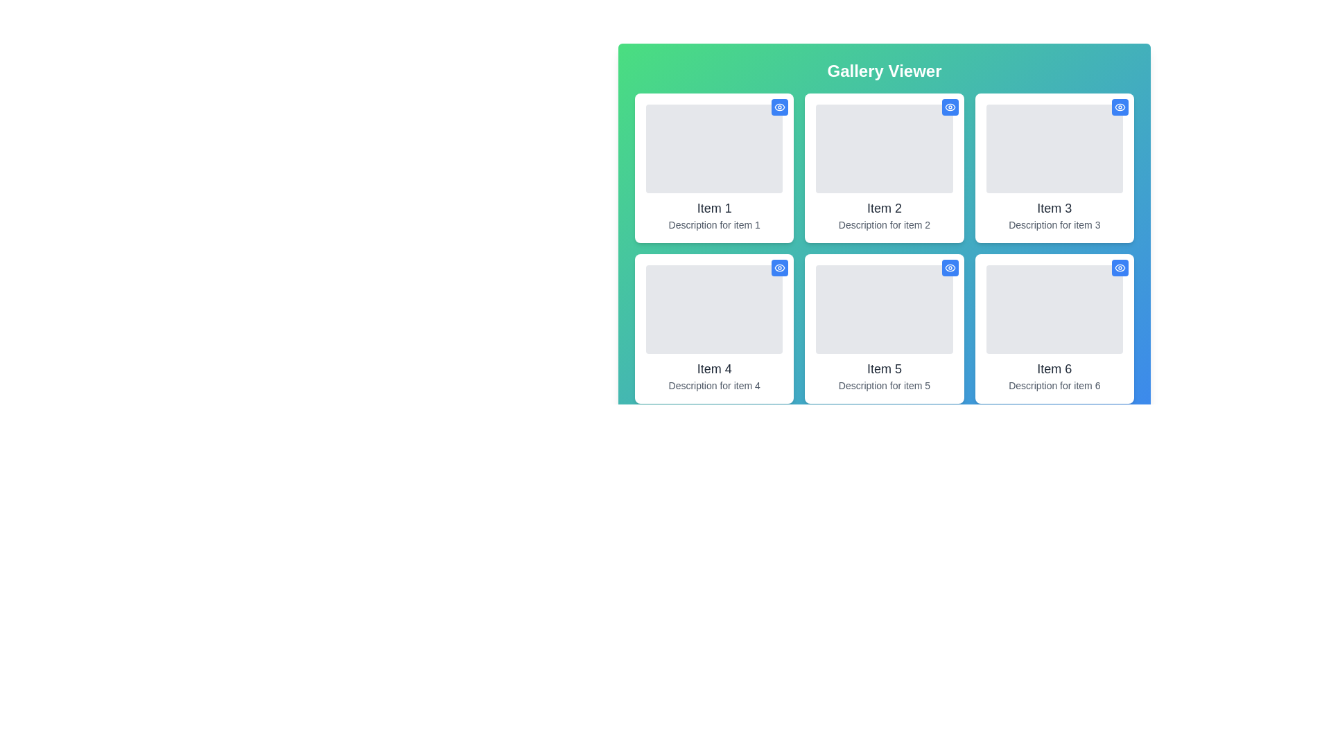 The image size is (1331, 748). I want to click on the text label displaying 'Description for item 5', which is styled with a gray font color and smaller text size, positioned within the fifth card of a grid layout, so click(884, 385).